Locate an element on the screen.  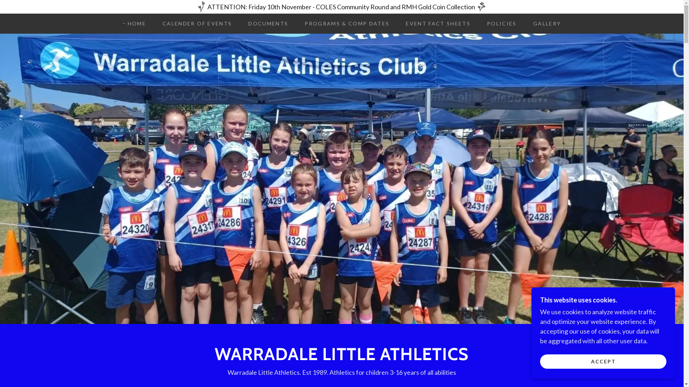
'GALLERY' is located at coordinates (544, 23).